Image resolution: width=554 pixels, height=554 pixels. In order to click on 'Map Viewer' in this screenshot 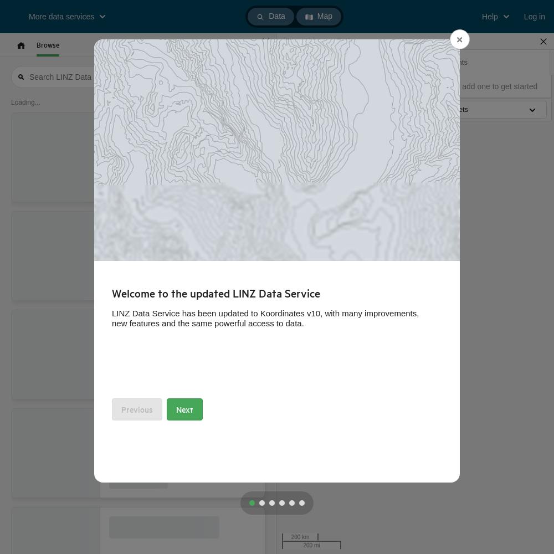, I will do `click(307, 61)`.